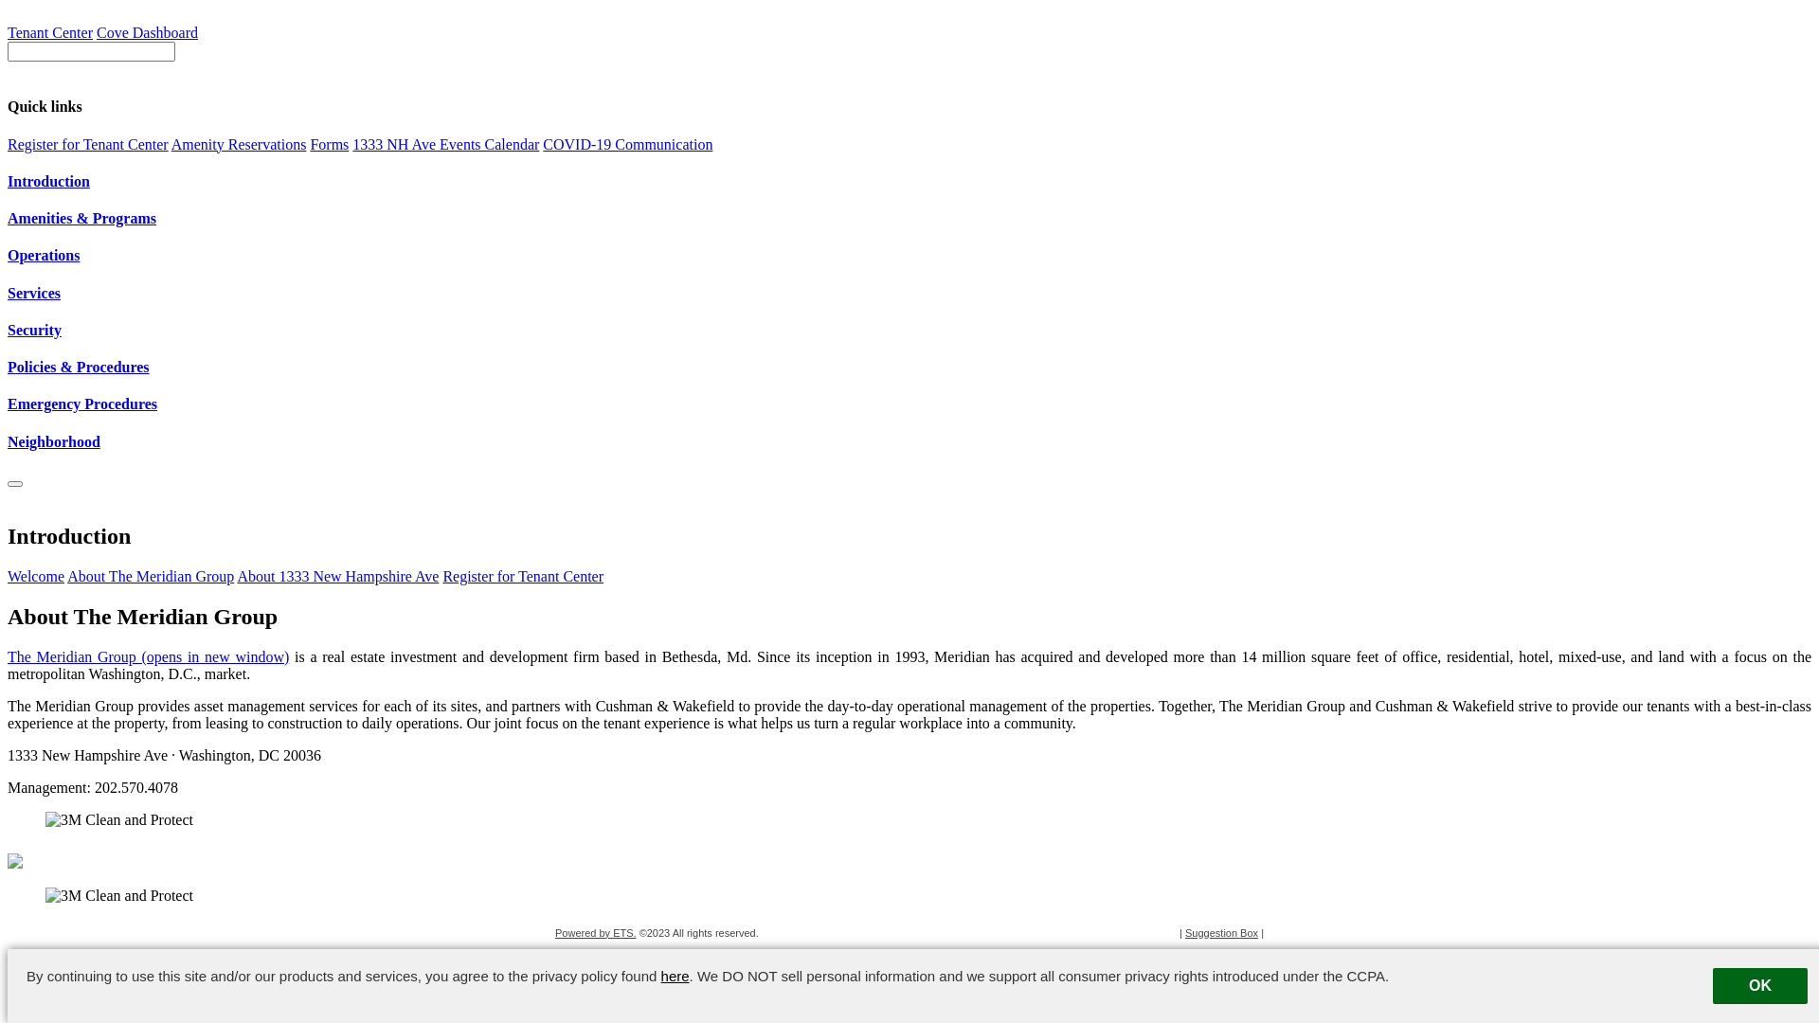  I want to click on 'Neighborhood', so click(909, 441).